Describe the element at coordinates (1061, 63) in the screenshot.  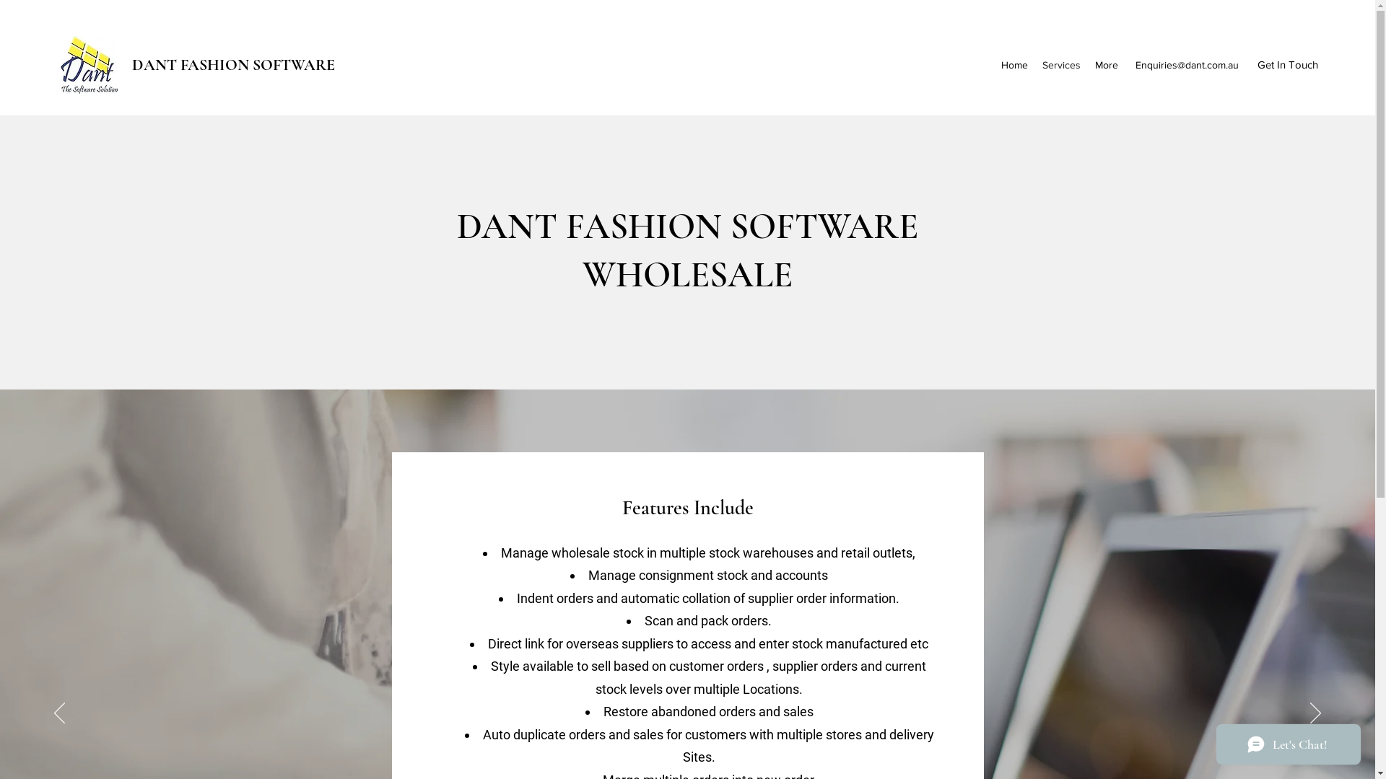
I see `'Services'` at that location.